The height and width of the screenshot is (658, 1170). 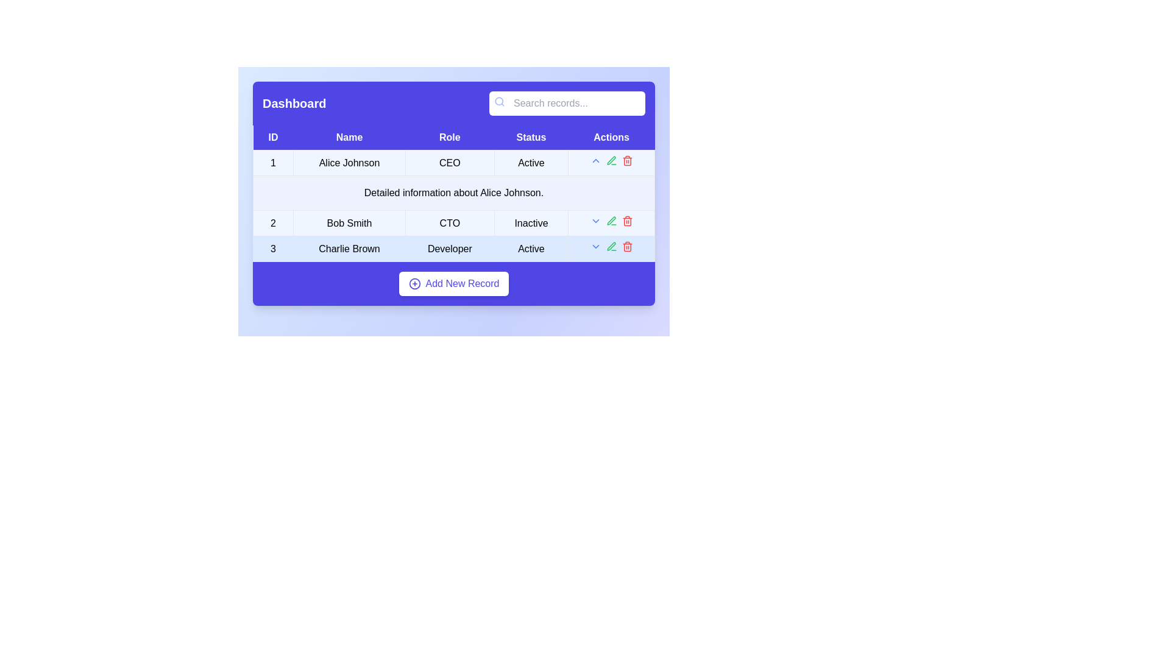 What do you see at coordinates (453, 192) in the screenshot?
I see `the text block associated with 'Alice Johnson' in the first row of the table, which provides additional information in the detailed view` at bounding box center [453, 192].